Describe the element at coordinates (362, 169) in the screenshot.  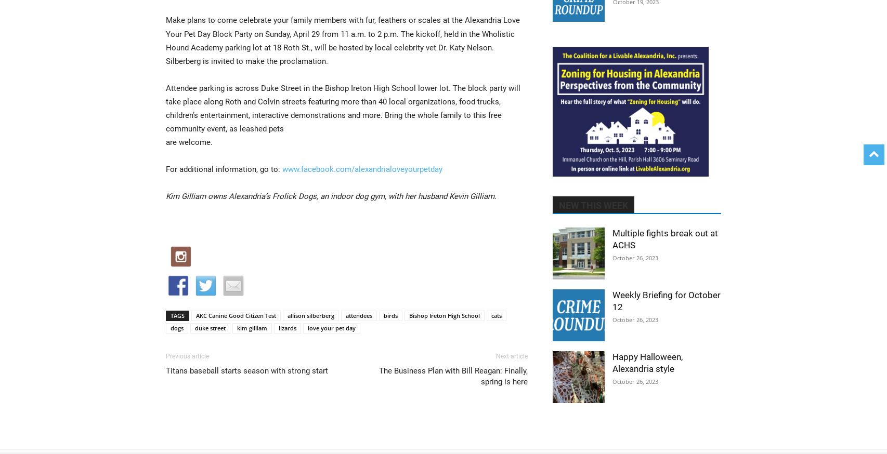
I see `'www.facebook.com/alexandrialoveyourpetday'` at that location.